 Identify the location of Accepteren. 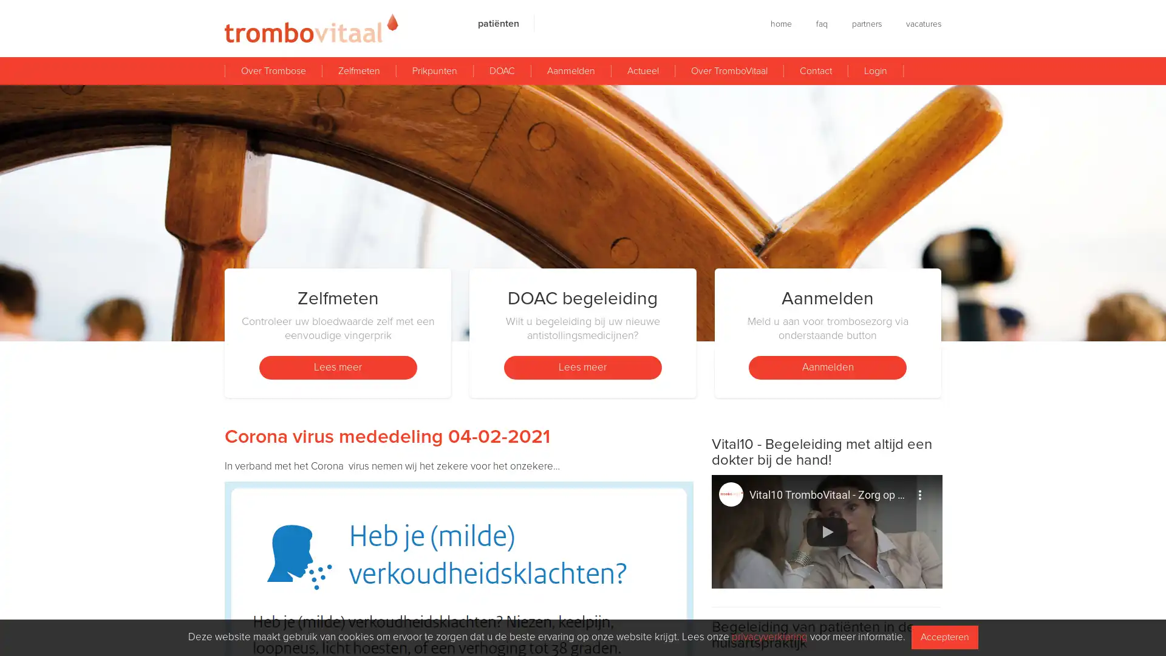
(944, 637).